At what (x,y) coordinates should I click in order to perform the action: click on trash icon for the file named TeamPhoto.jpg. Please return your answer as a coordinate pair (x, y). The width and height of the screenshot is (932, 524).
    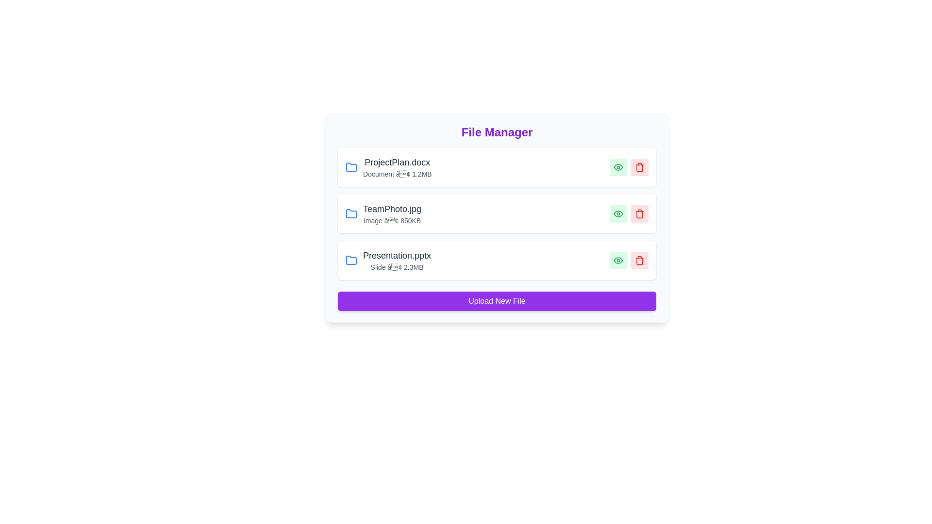
    Looking at the image, I should click on (640, 213).